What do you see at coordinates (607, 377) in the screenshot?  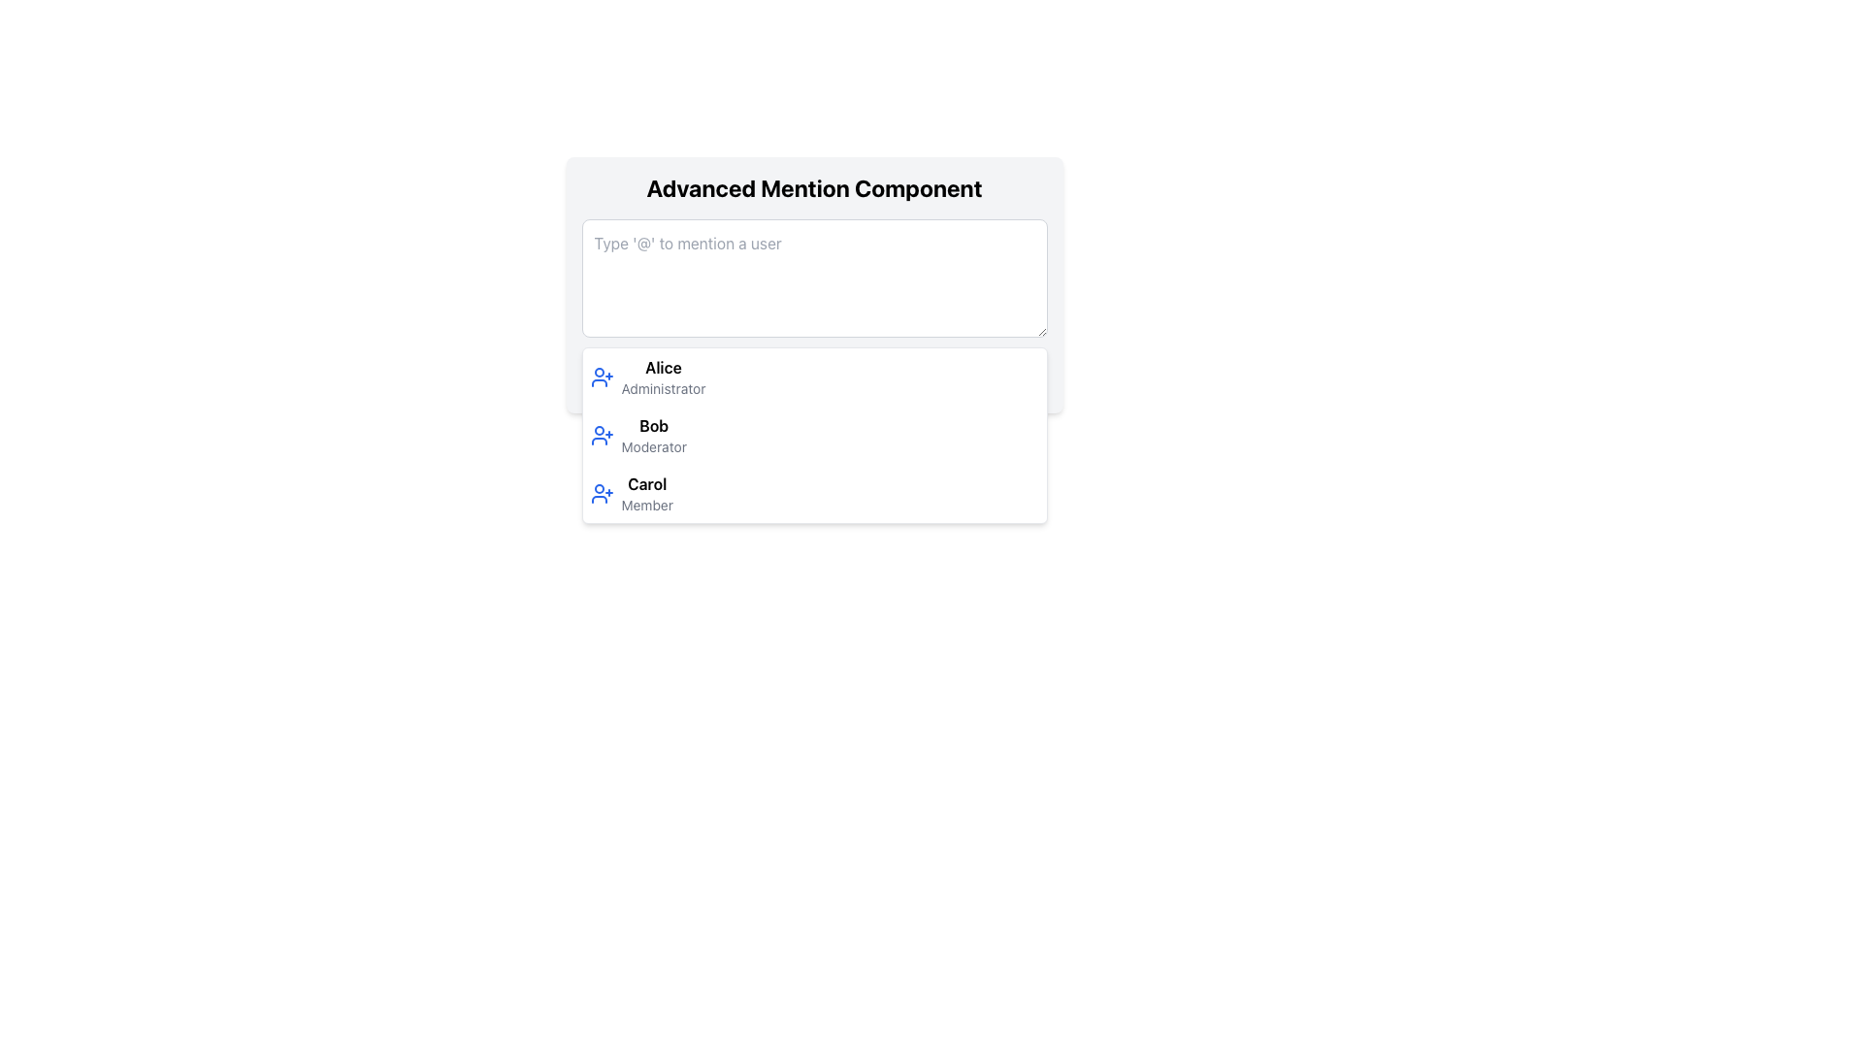 I see `the graphic icon representing the user suggestion item labeled 'Alice' in the dropdown list` at bounding box center [607, 377].